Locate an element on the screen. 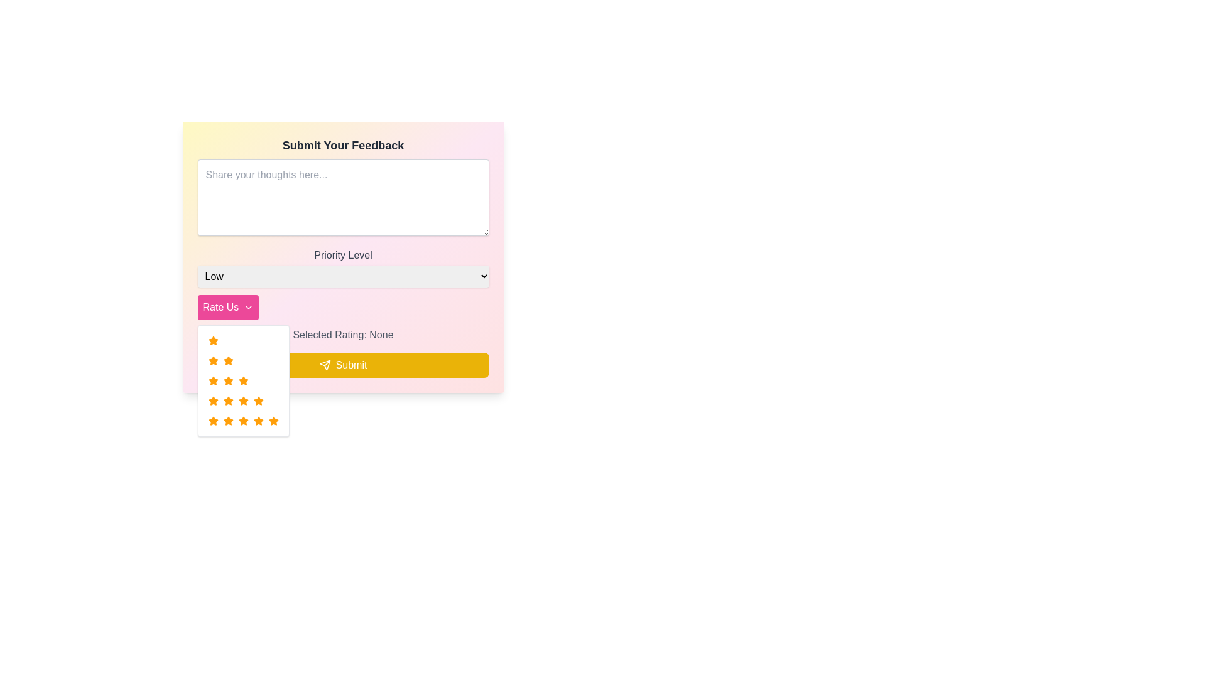 This screenshot has height=678, width=1206. the sixth star in the second row of the star rating dropdown under the 'Rate Us' button is located at coordinates (258, 421).